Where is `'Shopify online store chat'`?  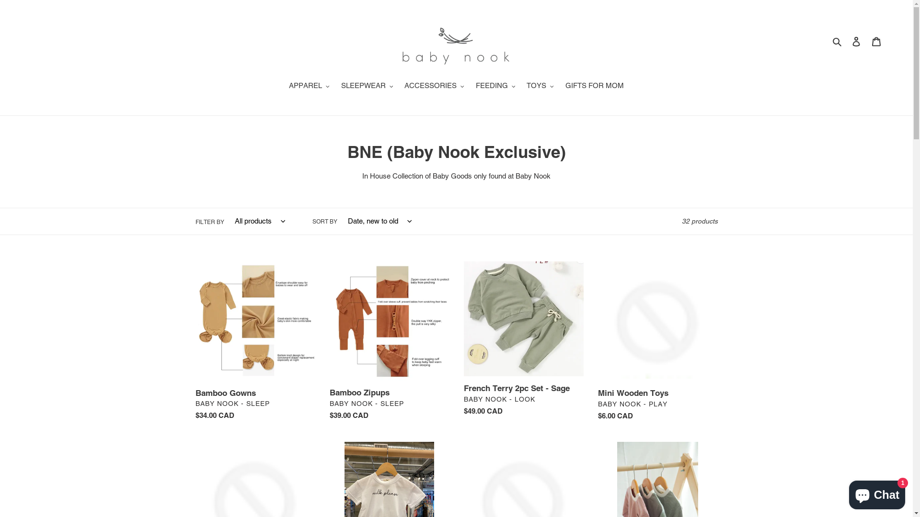
'Shopify online store chat' is located at coordinates (877, 493).